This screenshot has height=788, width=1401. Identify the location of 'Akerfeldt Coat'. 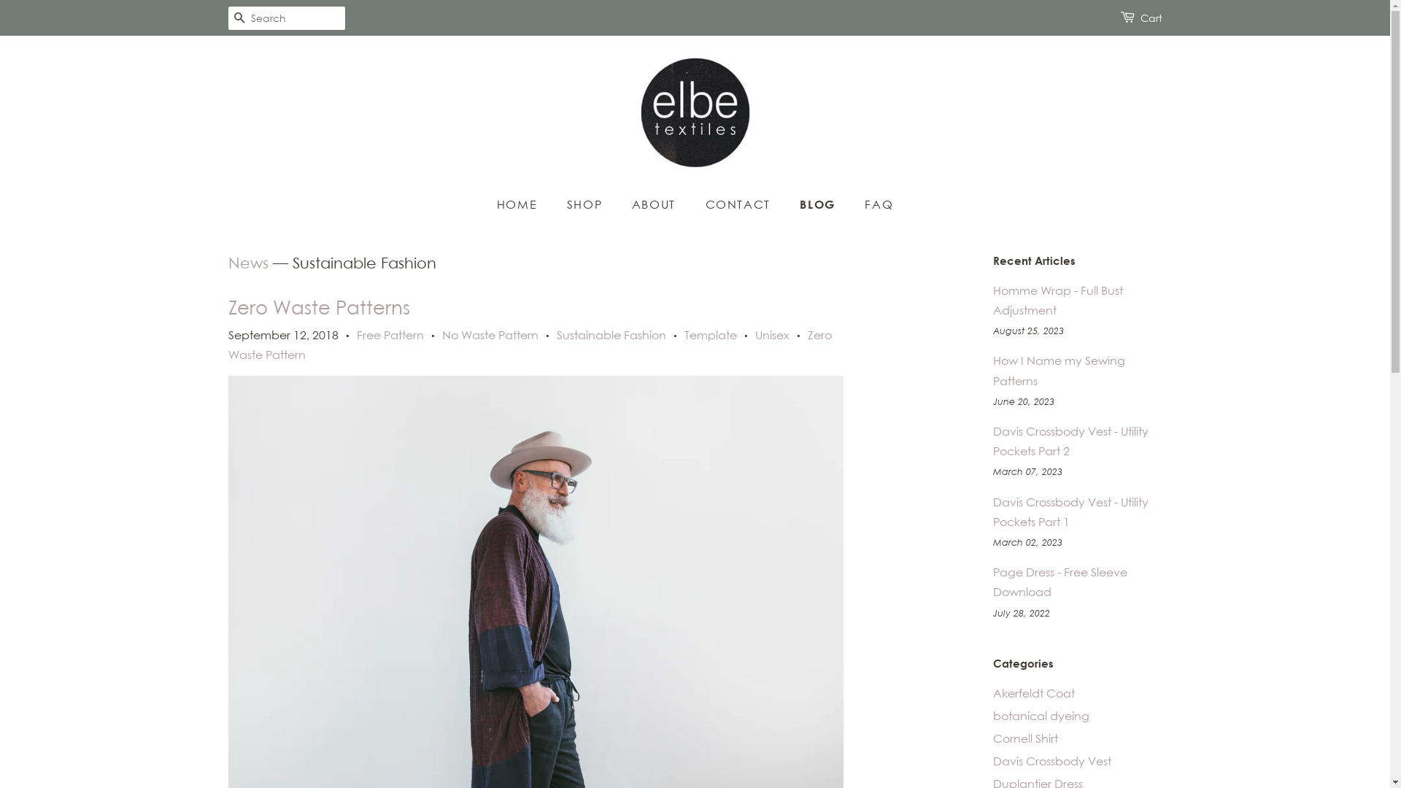
(1033, 692).